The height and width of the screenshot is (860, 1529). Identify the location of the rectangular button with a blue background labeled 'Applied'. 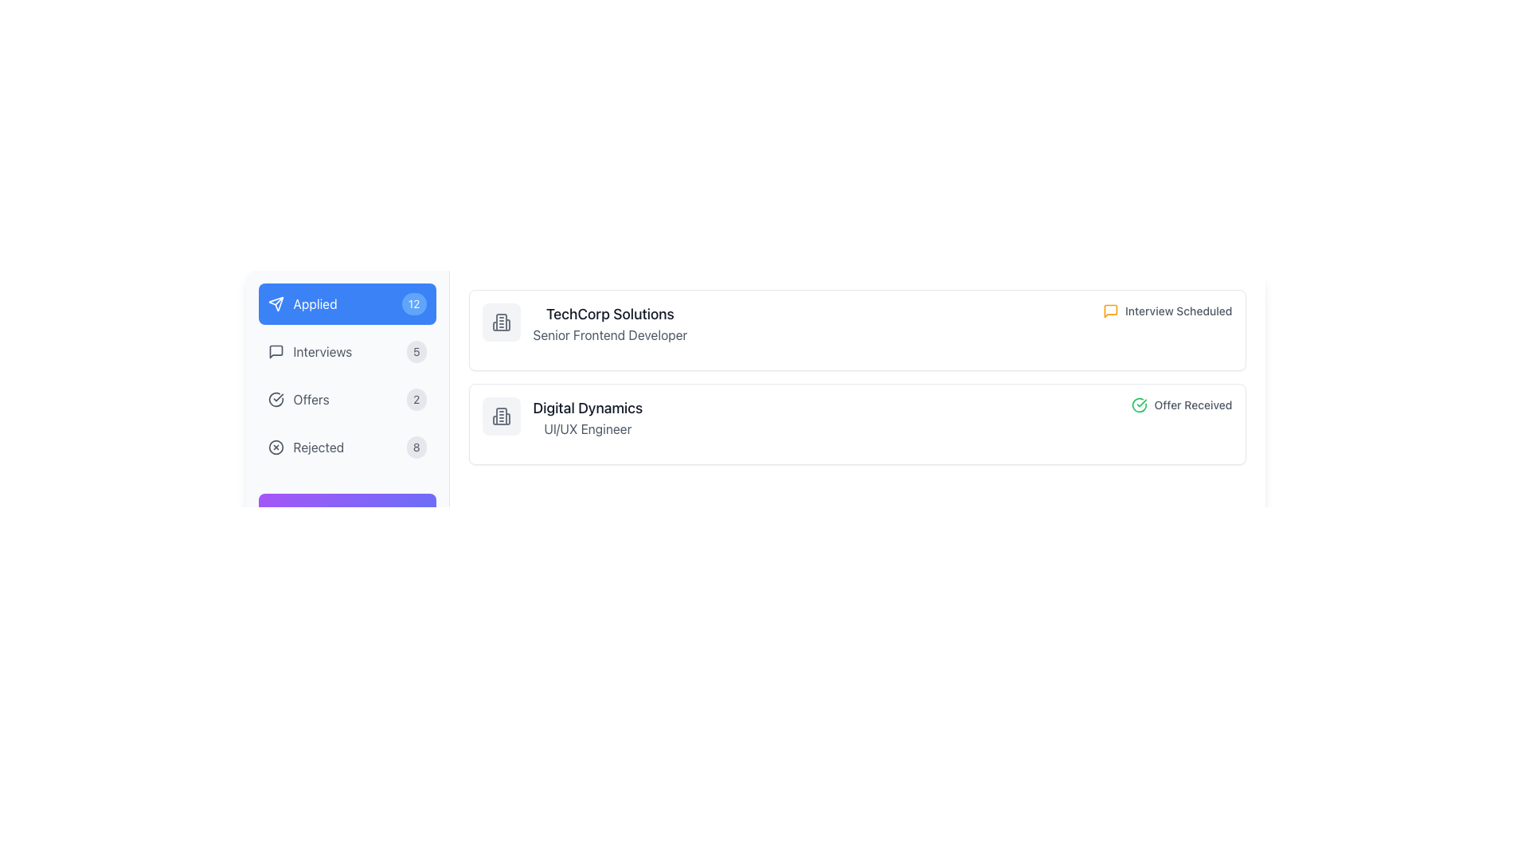
(346, 303).